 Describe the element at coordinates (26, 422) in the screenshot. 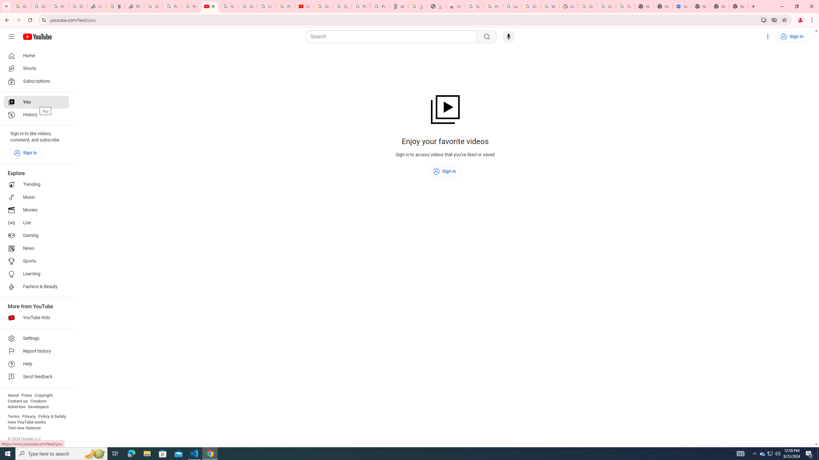

I see `'How YouTube works'` at that location.